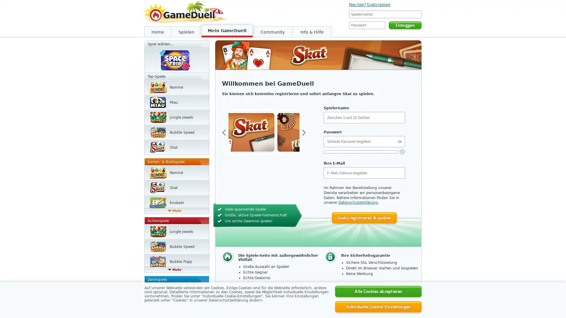 The height and width of the screenshot is (318, 566). I want to click on Einloggen, so click(405, 25).